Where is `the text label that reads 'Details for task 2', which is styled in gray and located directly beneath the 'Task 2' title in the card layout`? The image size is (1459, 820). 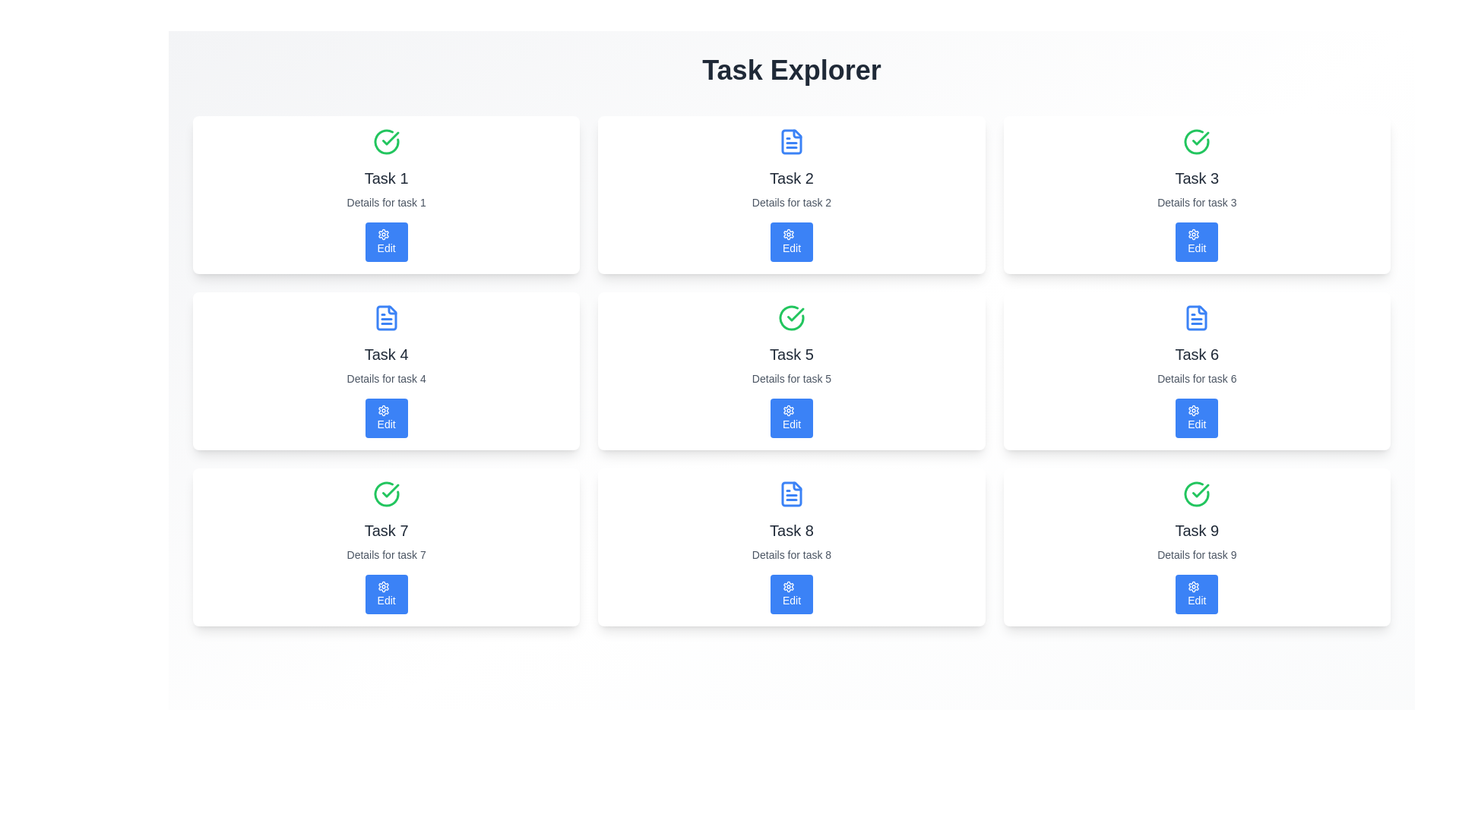
the text label that reads 'Details for task 2', which is styled in gray and located directly beneath the 'Task 2' title in the card layout is located at coordinates (790, 201).